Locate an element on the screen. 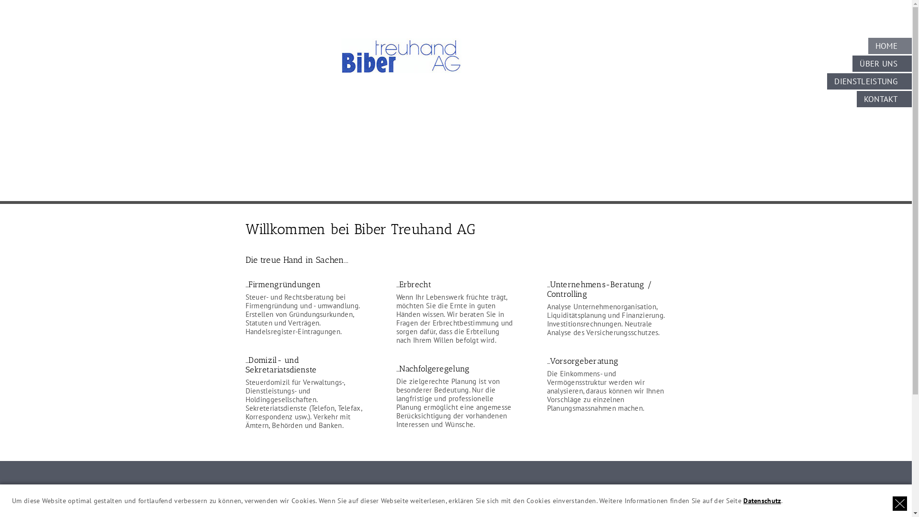 The width and height of the screenshot is (919, 517). 'KONTAKT' is located at coordinates (884, 99).